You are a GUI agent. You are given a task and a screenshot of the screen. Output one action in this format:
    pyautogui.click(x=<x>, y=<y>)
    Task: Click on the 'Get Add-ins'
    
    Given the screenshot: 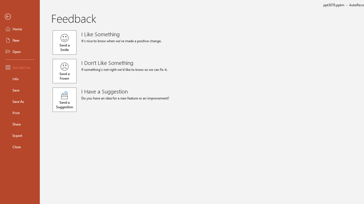 What is the action you would take?
    pyautogui.click(x=20, y=67)
    